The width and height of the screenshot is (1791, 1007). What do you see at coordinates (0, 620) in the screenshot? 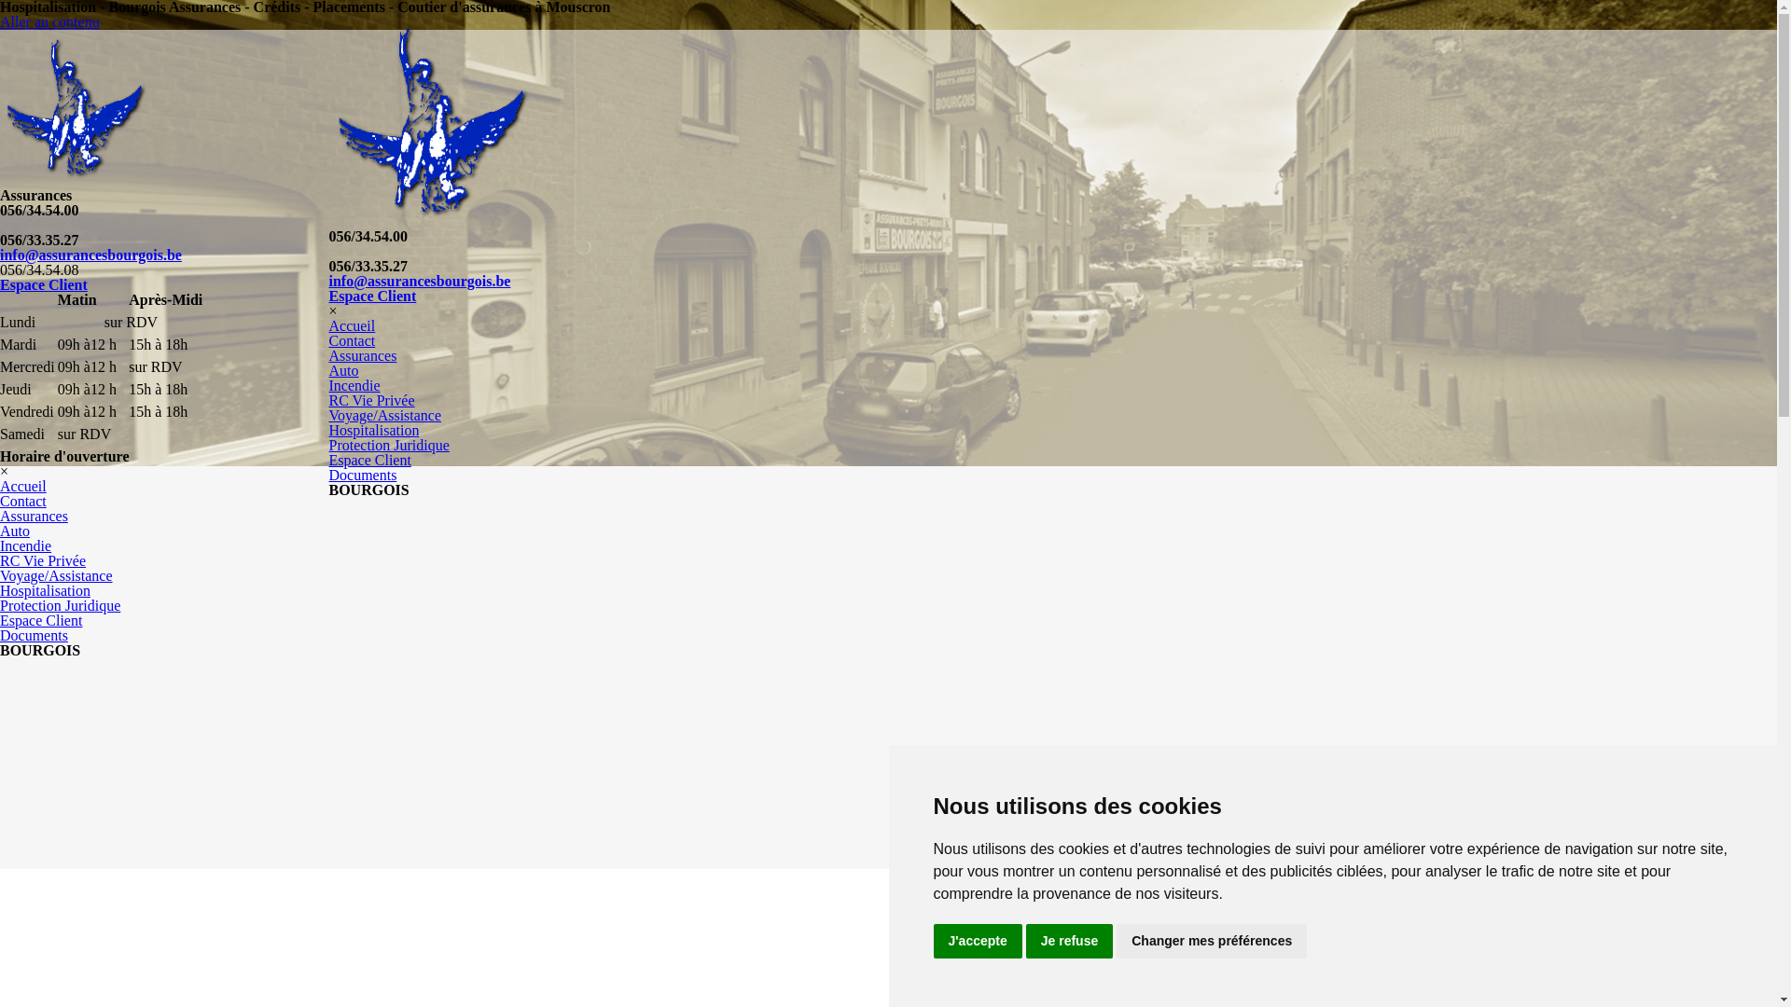
I see `'Espace Client'` at bounding box center [0, 620].